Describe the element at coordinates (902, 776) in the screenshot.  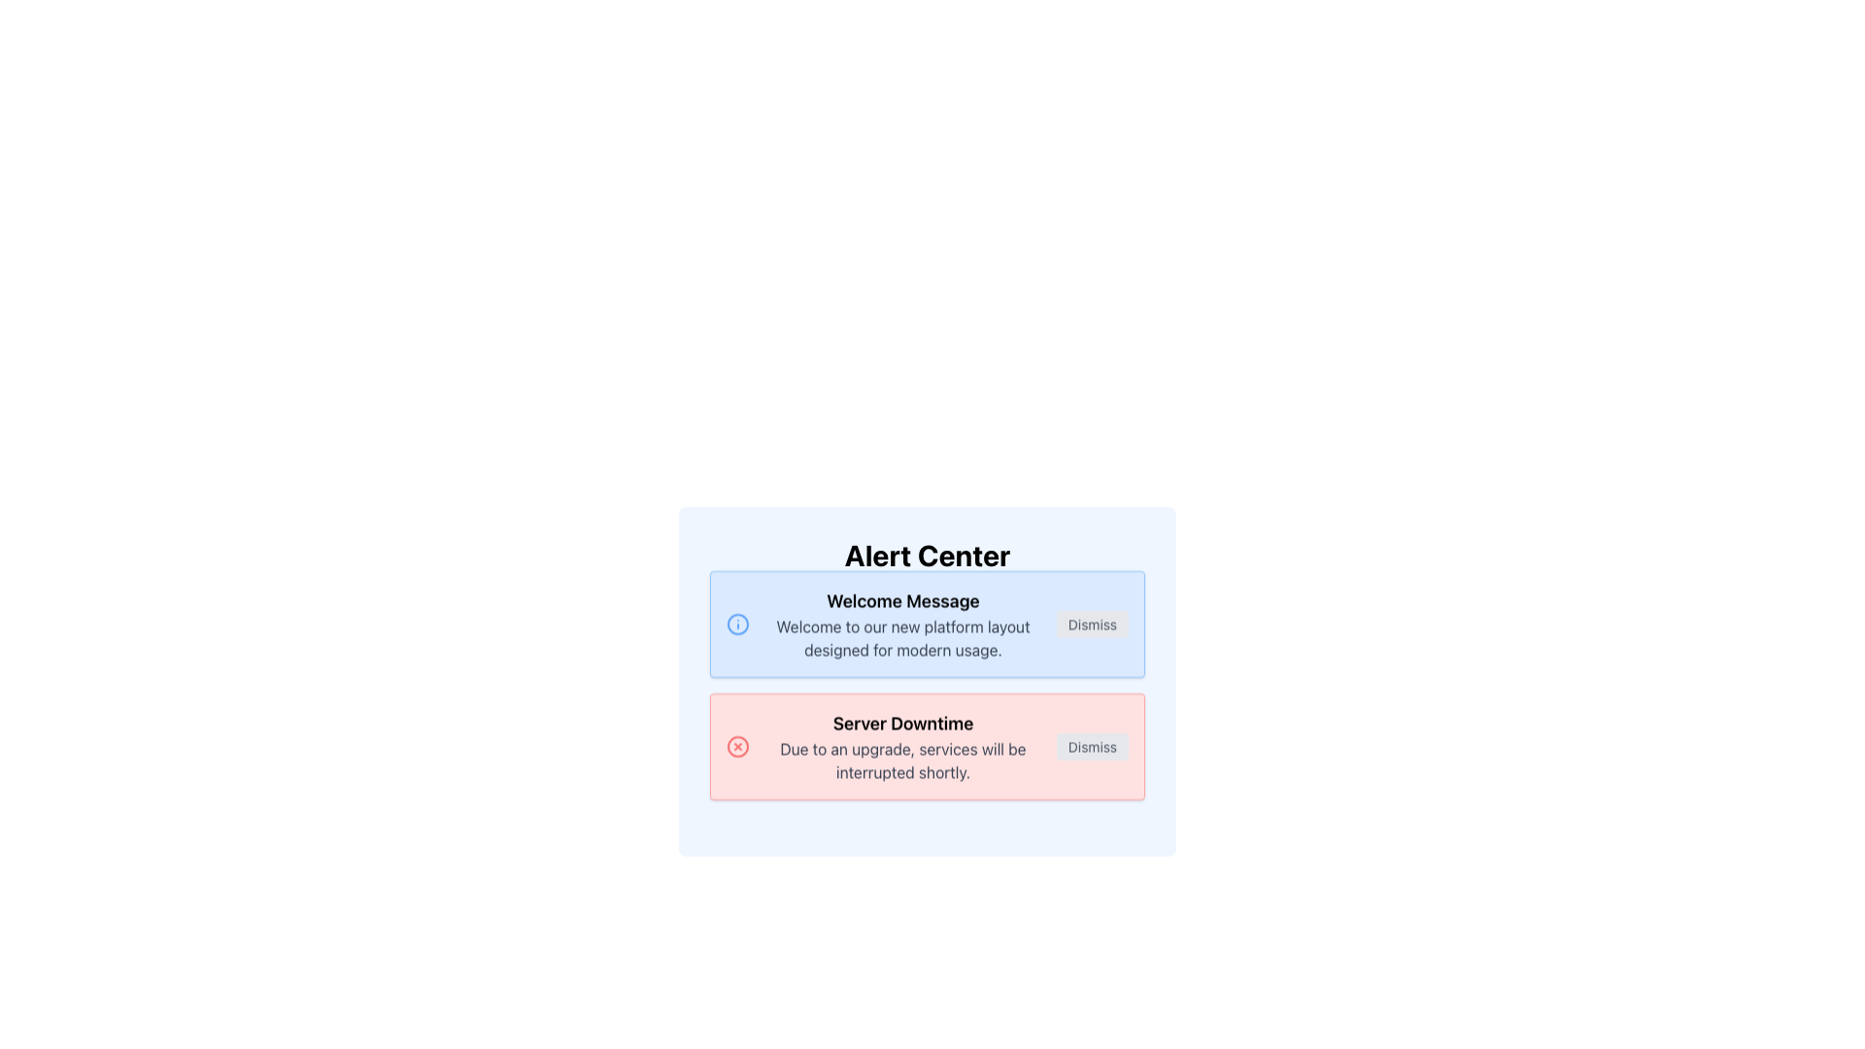
I see `the text label informing users about a service interruption due to an upgrade, which is located within the pink notification card under the title 'Server Downtime' in the 'Alert Center' interface` at that location.